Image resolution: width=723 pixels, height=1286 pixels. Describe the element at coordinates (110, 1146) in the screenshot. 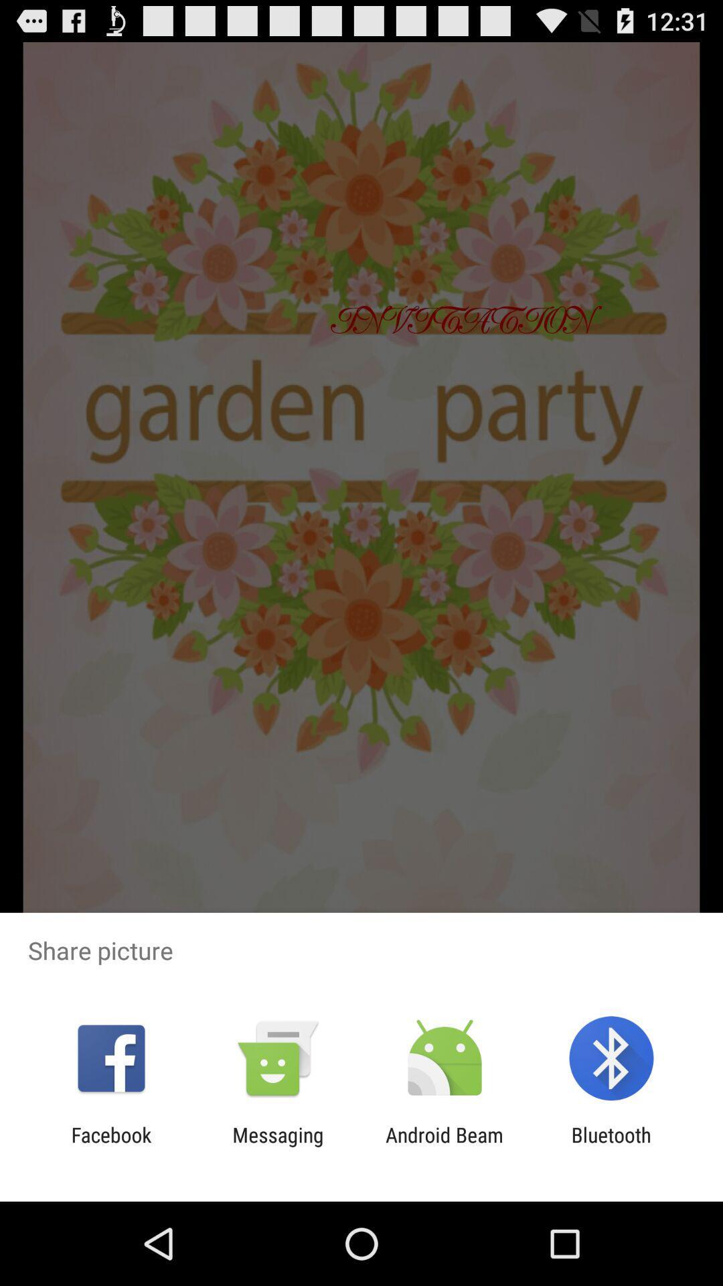

I see `the facebook icon` at that location.